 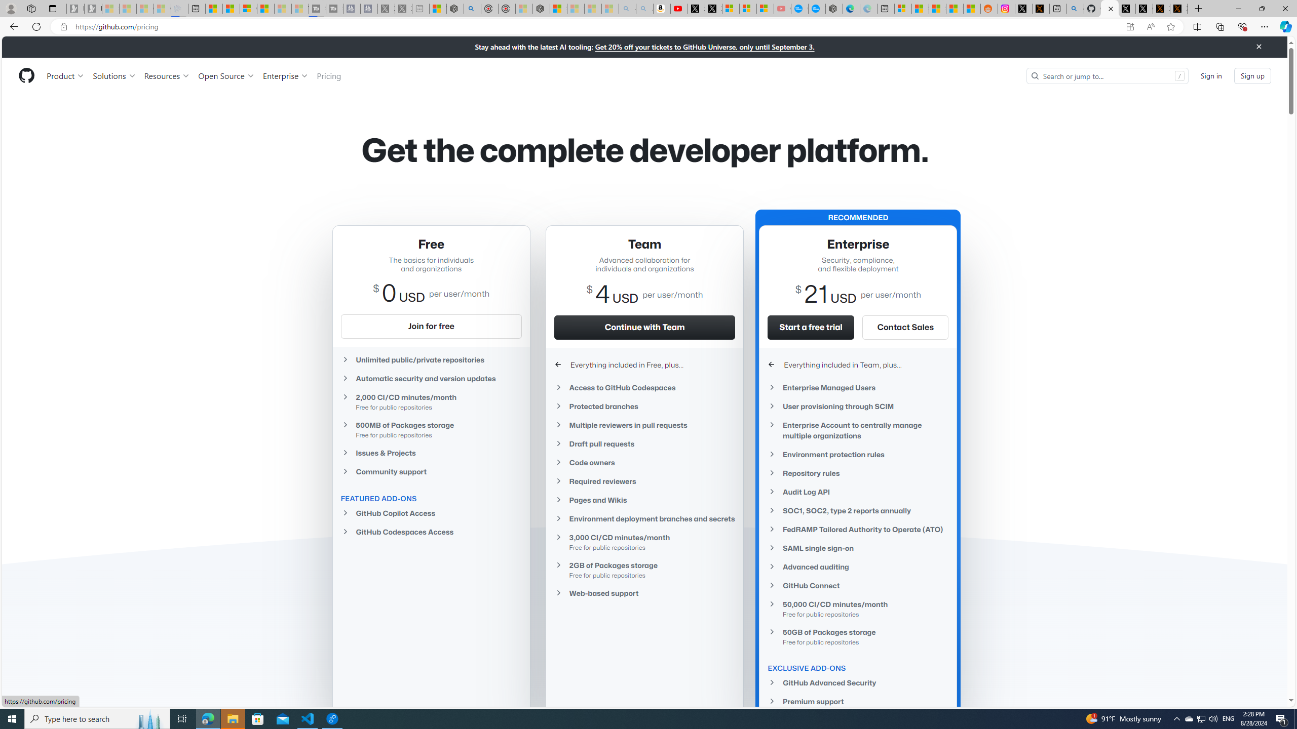 What do you see at coordinates (858, 636) in the screenshot?
I see `'50GB of Packages storageFree for public repositories'` at bounding box center [858, 636].